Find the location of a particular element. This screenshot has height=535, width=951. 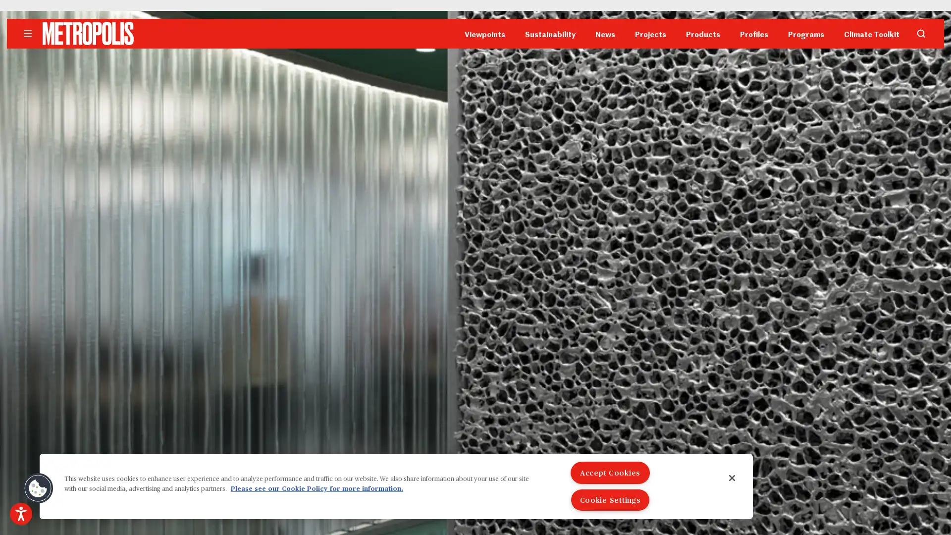

Join Our Email List is located at coordinates (475, 175).